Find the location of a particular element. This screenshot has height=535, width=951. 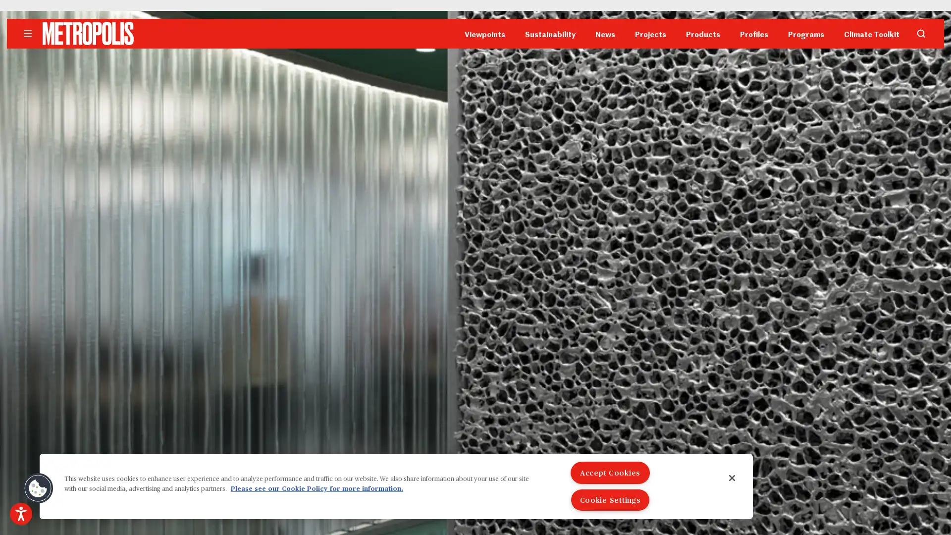

Join Our Email List is located at coordinates (475, 175).